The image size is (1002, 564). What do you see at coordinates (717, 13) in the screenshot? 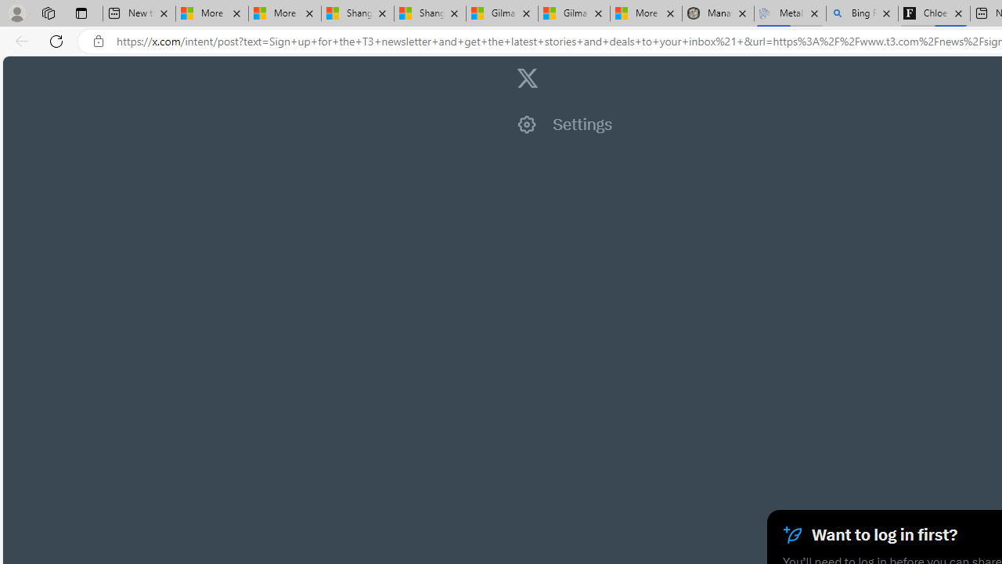
I see `'Manatee Mortality Statistics | FWC'` at bounding box center [717, 13].